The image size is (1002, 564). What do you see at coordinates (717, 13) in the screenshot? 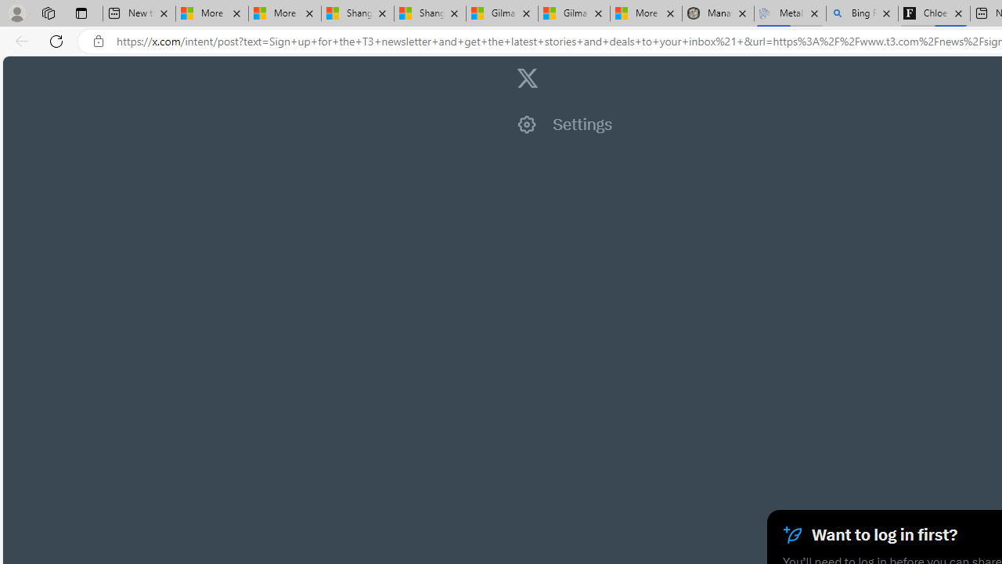
I see `'Manatee Mortality Statistics | FWC'` at bounding box center [717, 13].